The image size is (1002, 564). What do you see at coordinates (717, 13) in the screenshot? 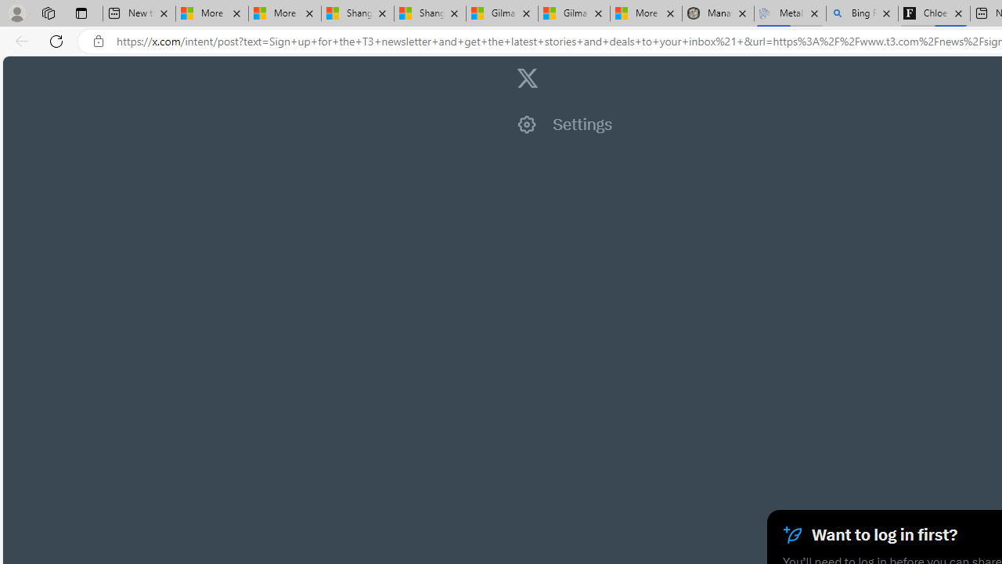
I see `'Manatee Mortality Statistics | FWC'` at bounding box center [717, 13].